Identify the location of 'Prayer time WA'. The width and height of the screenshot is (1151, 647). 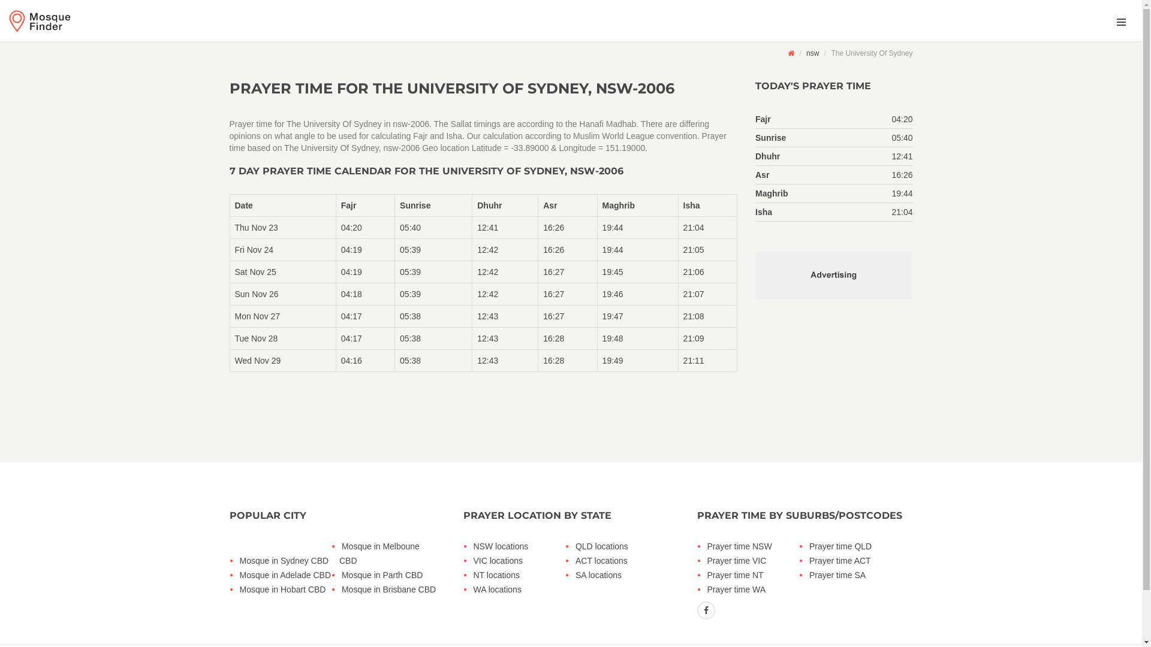
(754, 588).